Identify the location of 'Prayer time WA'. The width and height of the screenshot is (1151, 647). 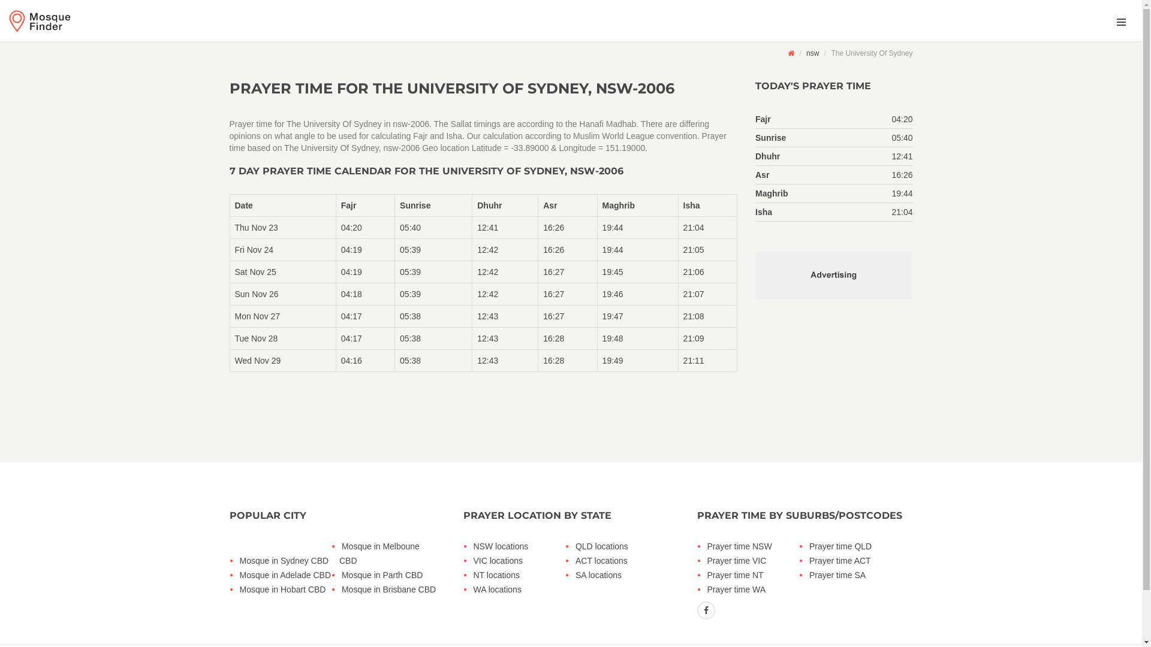
(754, 588).